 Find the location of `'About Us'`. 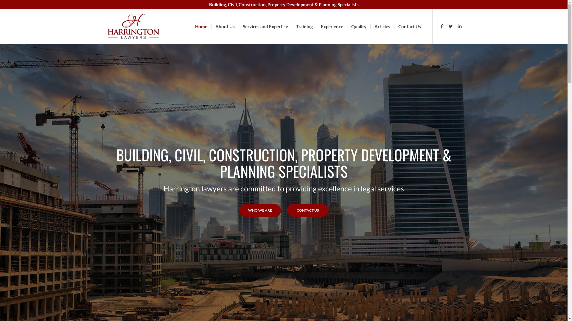

'About Us' is located at coordinates (224, 26).